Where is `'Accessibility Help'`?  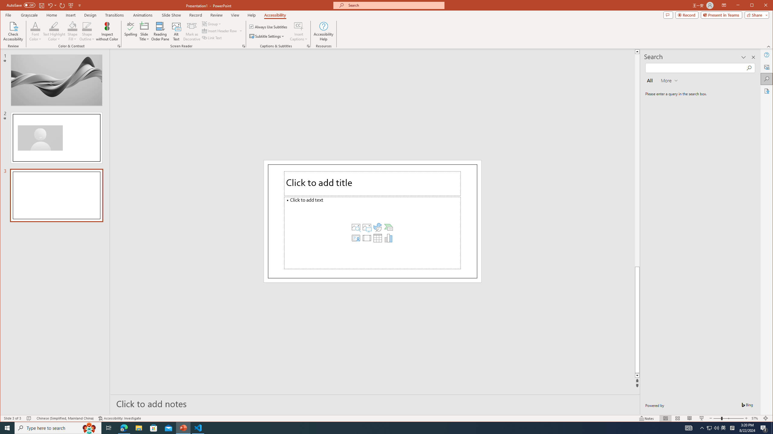
'Accessibility Help' is located at coordinates (323, 31).